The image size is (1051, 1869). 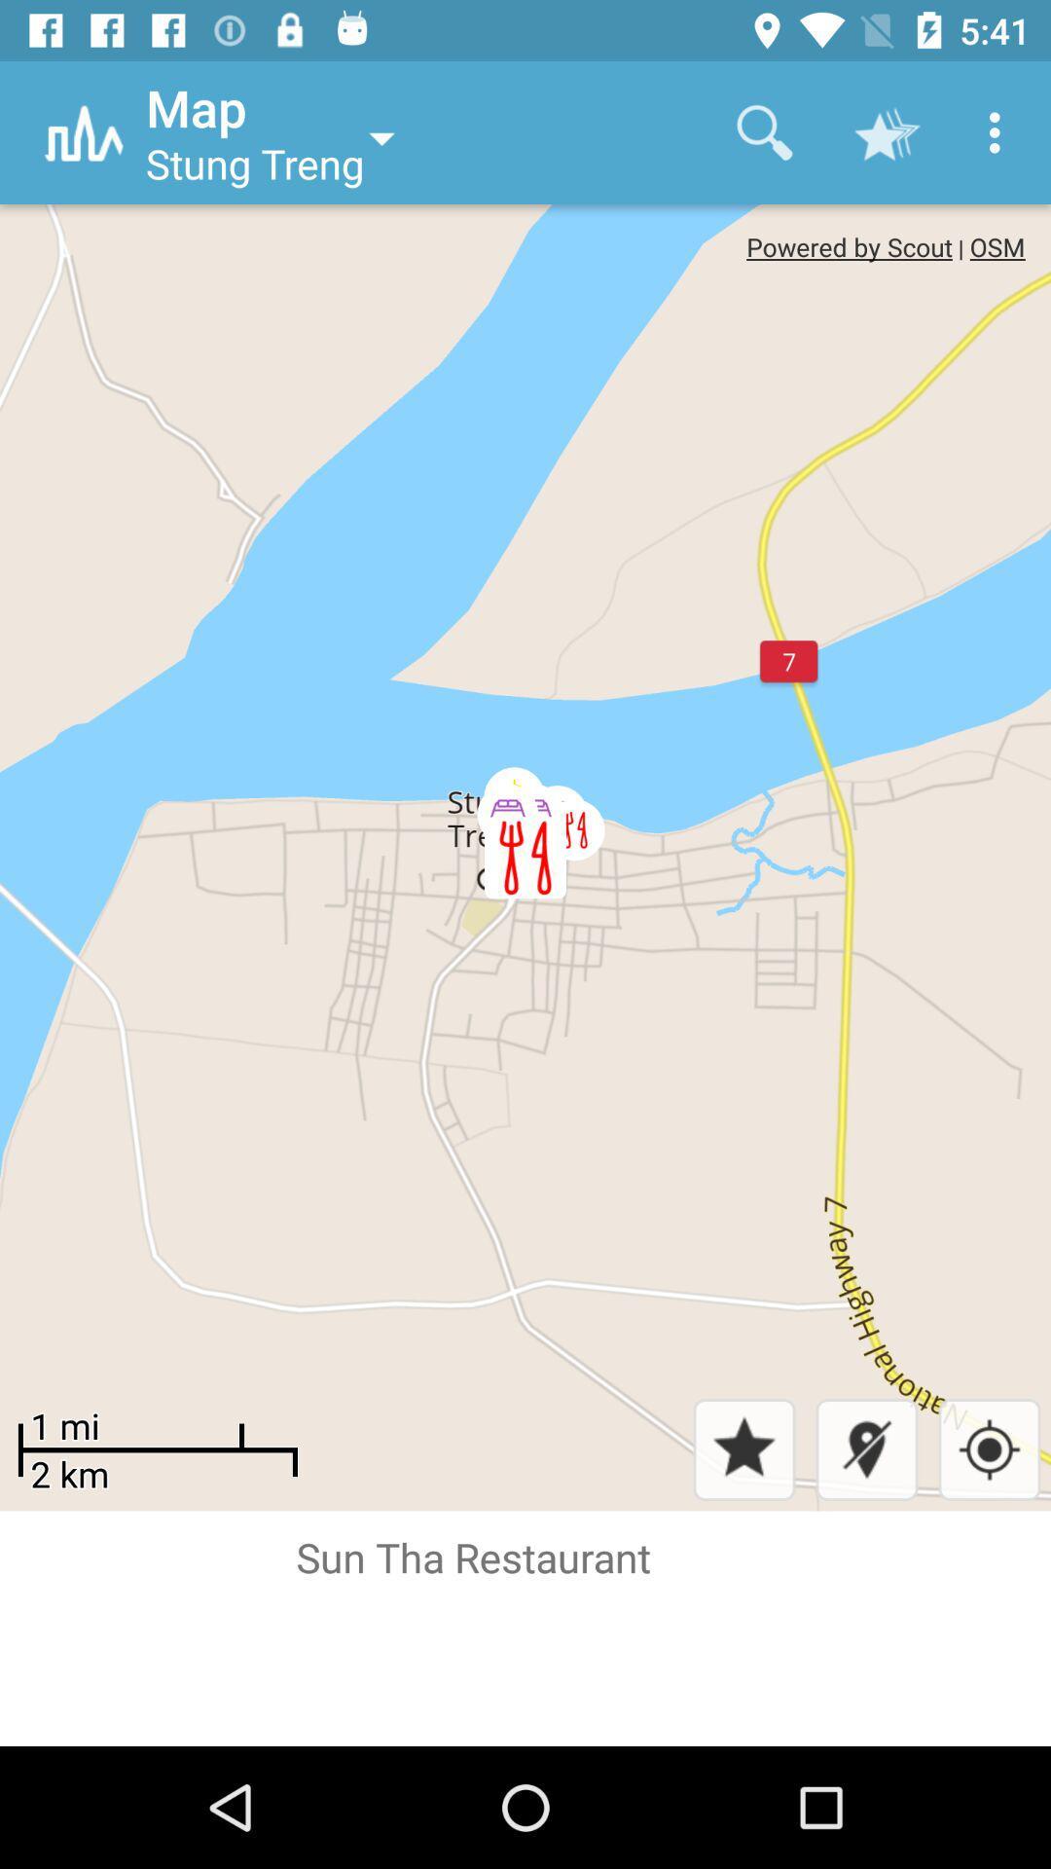 What do you see at coordinates (990, 1449) in the screenshot?
I see `the location_crosshair icon` at bounding box center [990, 1449].